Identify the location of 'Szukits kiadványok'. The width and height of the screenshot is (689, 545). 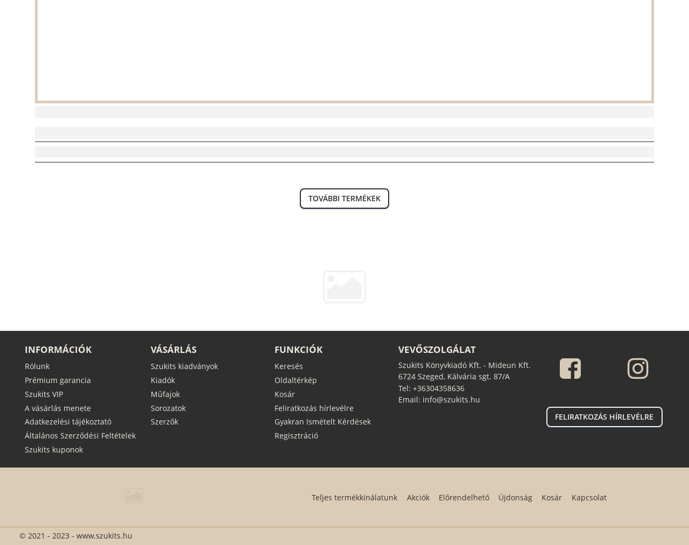
(184, 365).